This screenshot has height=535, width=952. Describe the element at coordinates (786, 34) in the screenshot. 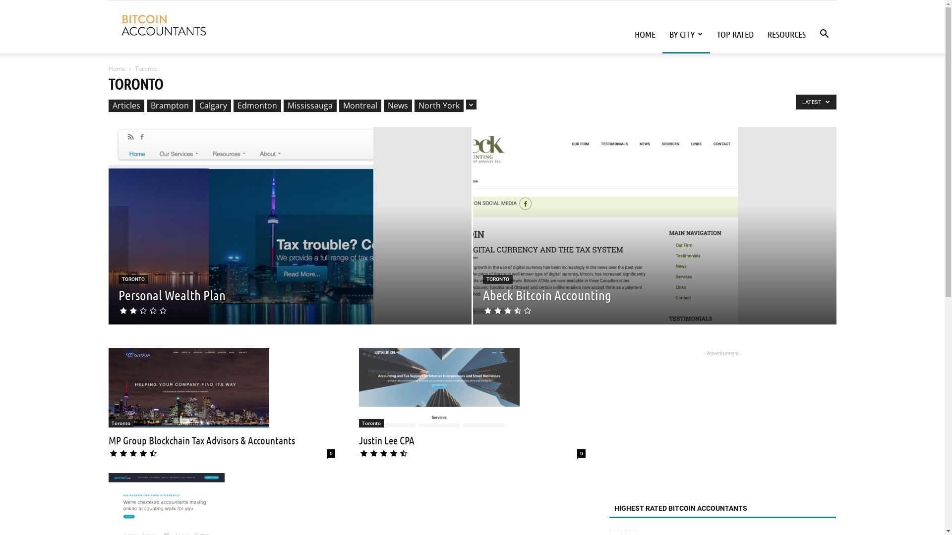

I see `'RESOURCES'` at that location.